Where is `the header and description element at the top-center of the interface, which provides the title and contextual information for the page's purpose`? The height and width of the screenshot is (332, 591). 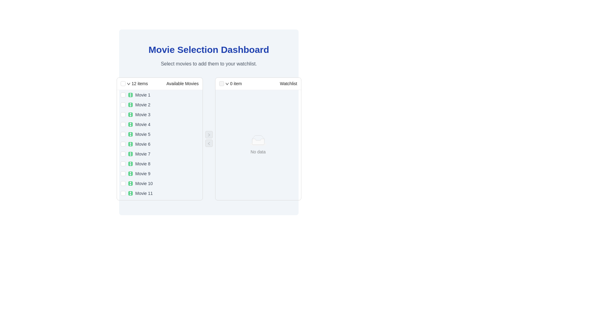
the header and description element at the top-center of the interface, which provides the title and contextual information for the page's purpose is located at coordinates (209, 56).